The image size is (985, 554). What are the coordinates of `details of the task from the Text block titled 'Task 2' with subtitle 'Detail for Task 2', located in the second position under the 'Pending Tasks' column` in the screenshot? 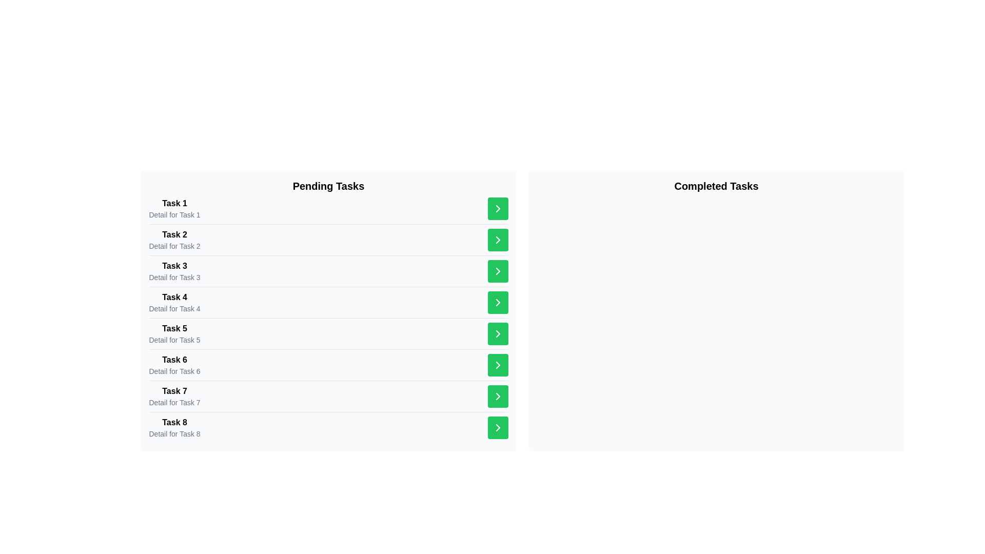 It's located at (174, 240).